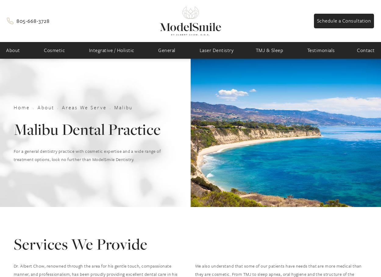  I want to click on 'Malibu', so click(123, 107).